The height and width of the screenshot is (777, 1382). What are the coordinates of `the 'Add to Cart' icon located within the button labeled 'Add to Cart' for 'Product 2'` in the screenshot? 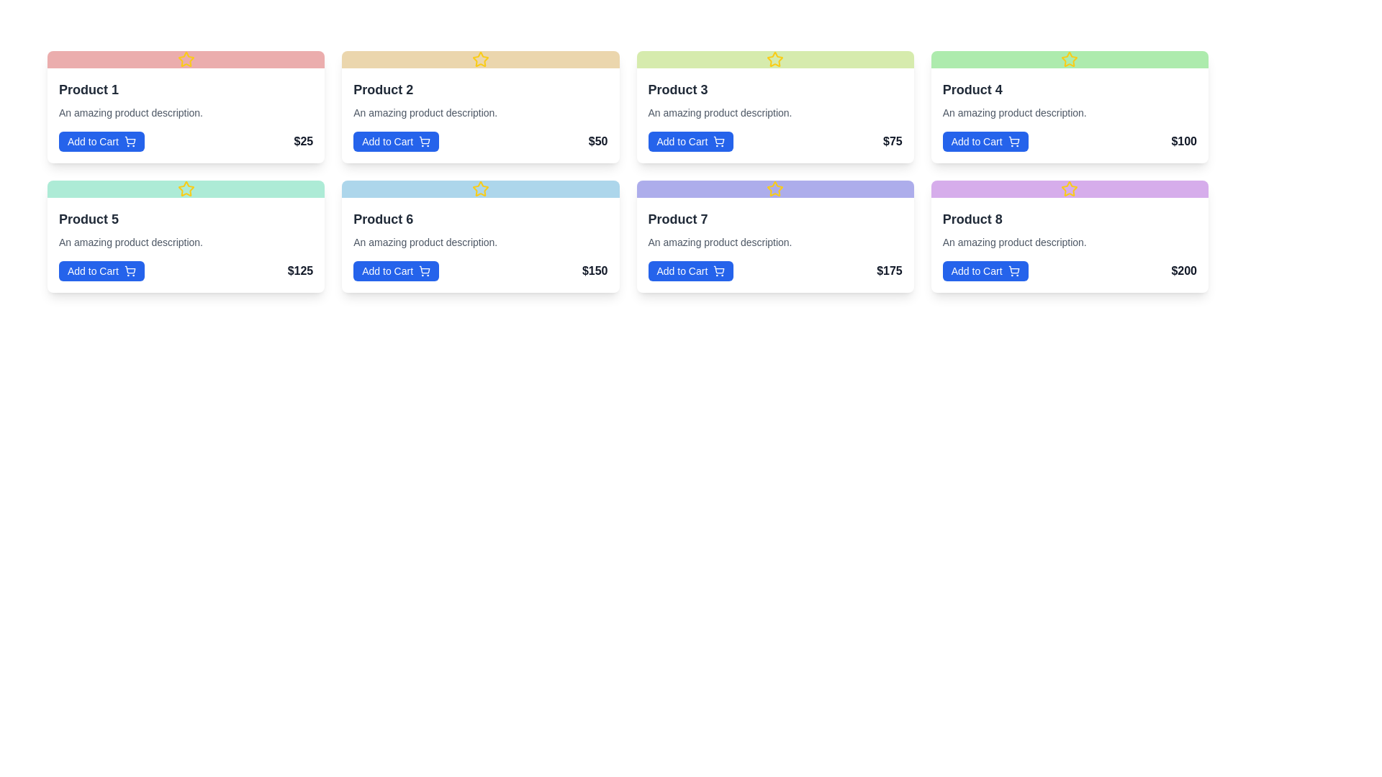 It's located at (424, 141).